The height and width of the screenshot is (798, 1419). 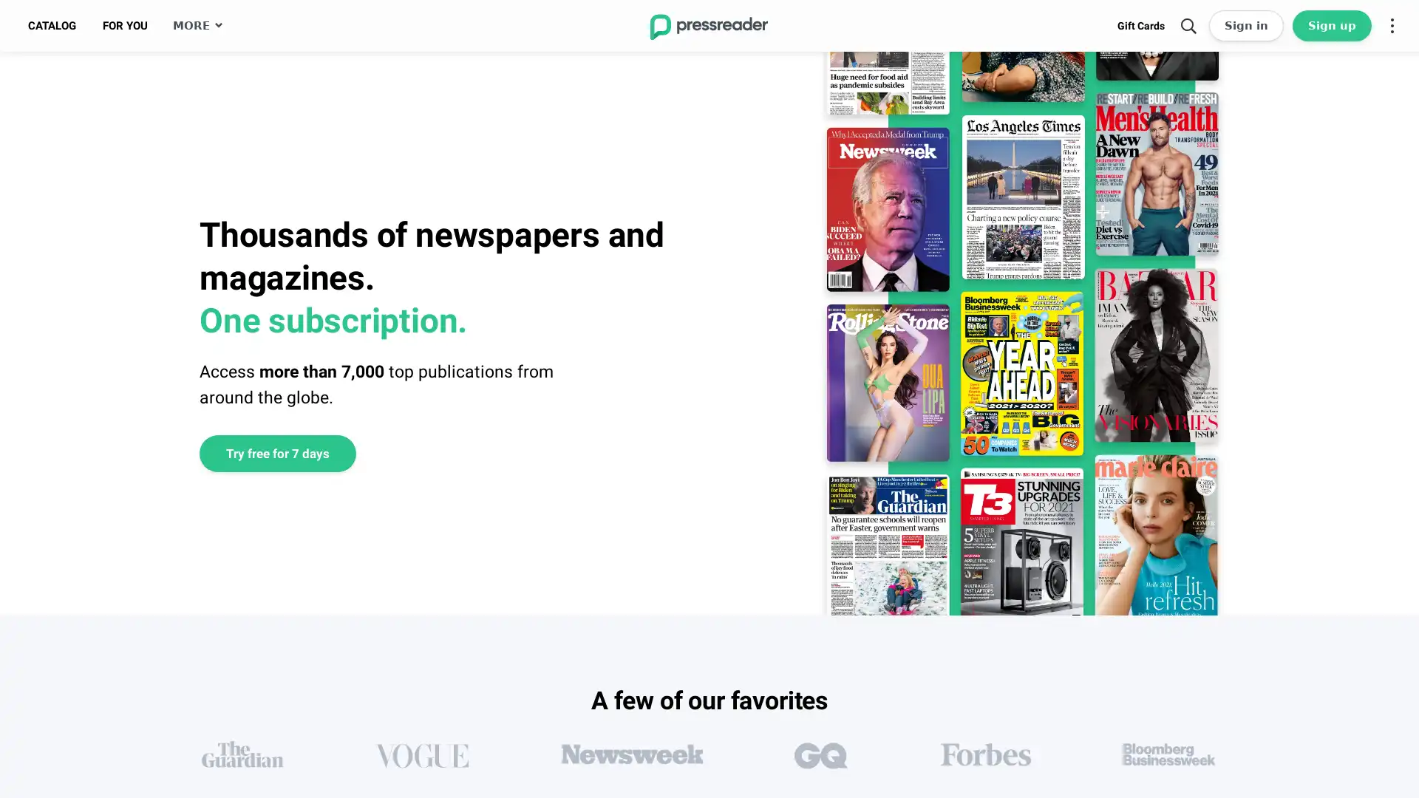 What do you see at coordinates (1245, 25) in the screenshot?
I see `Sign in` at bounding box center [1245, 25].